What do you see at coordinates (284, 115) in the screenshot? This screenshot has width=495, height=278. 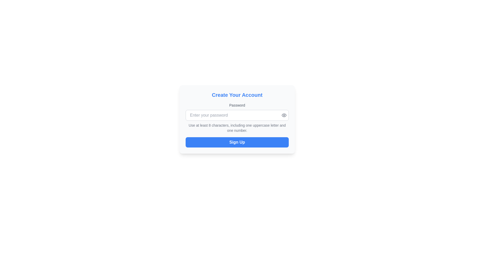 I see `the button located at the right side of the 'Password' input field in the 'Create Your Account' form` at bounding box center [284, 115].